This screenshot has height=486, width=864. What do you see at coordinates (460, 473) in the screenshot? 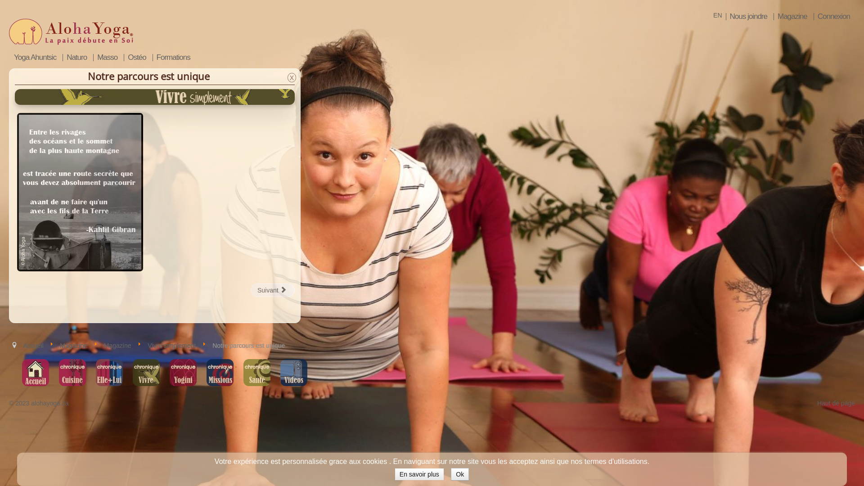
I see `'Ok'` at bounding box center [460, 473].